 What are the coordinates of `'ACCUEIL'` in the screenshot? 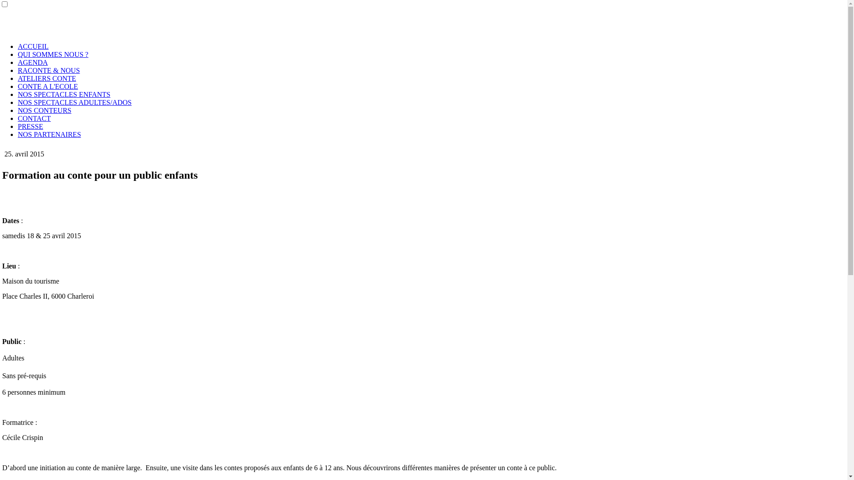 It's located at (33, 46).